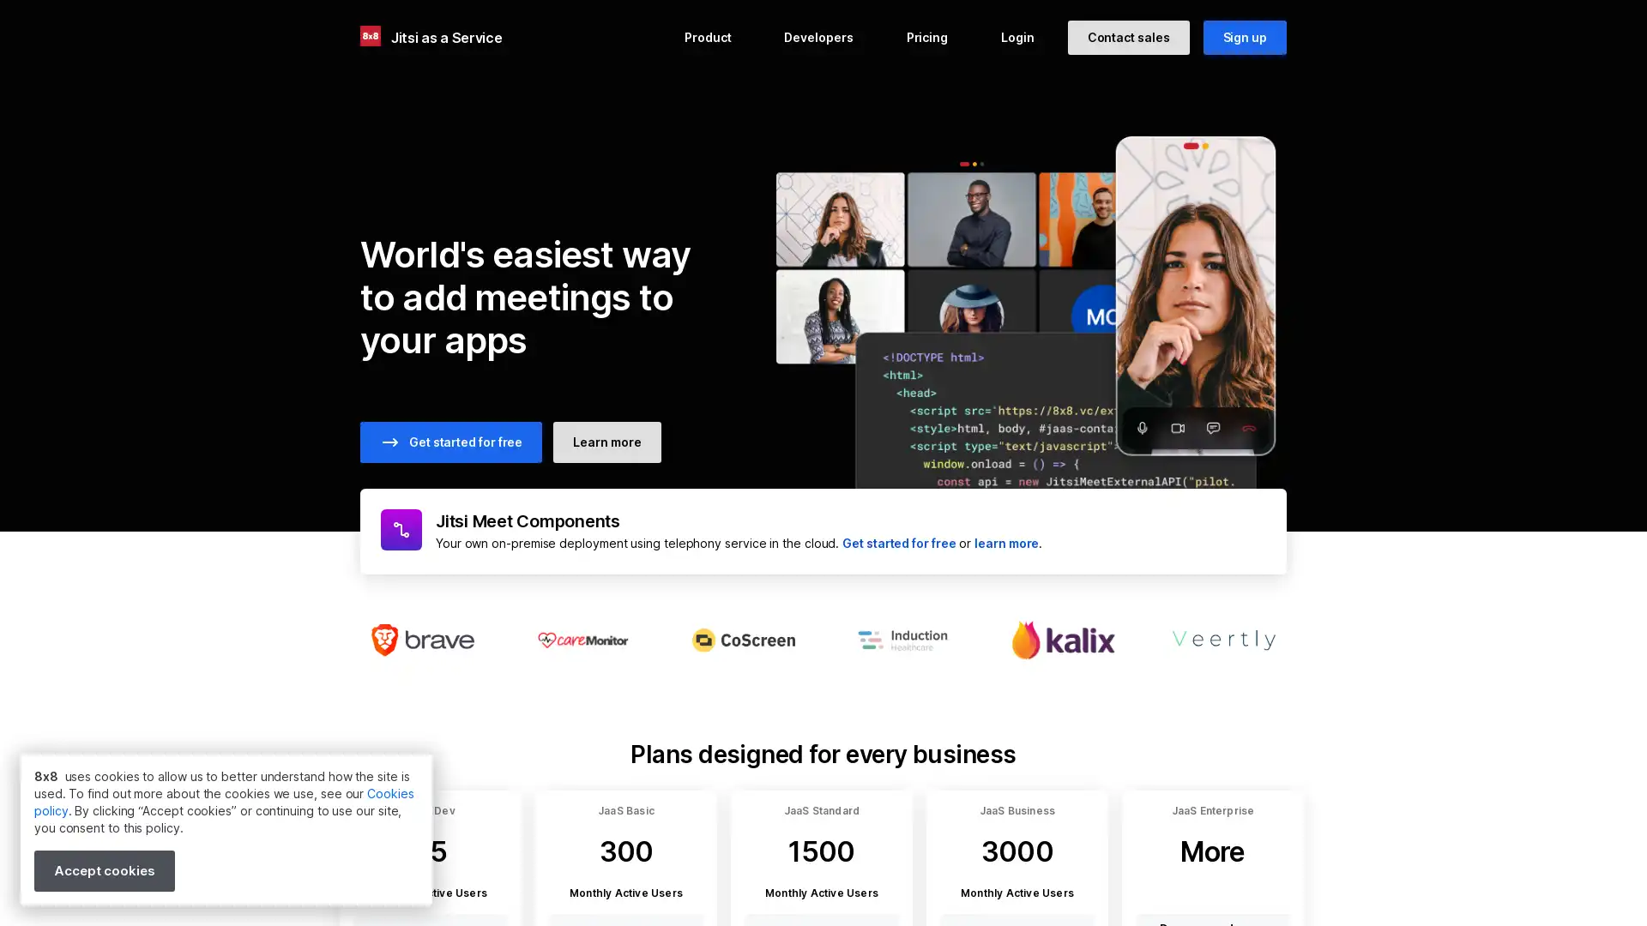 Image resolution: width=1647 pixels, height=926 pixels. What do you see at coordinates (708, 37) in the screenshot?
I see `Product` at bounding box center [708, 37].